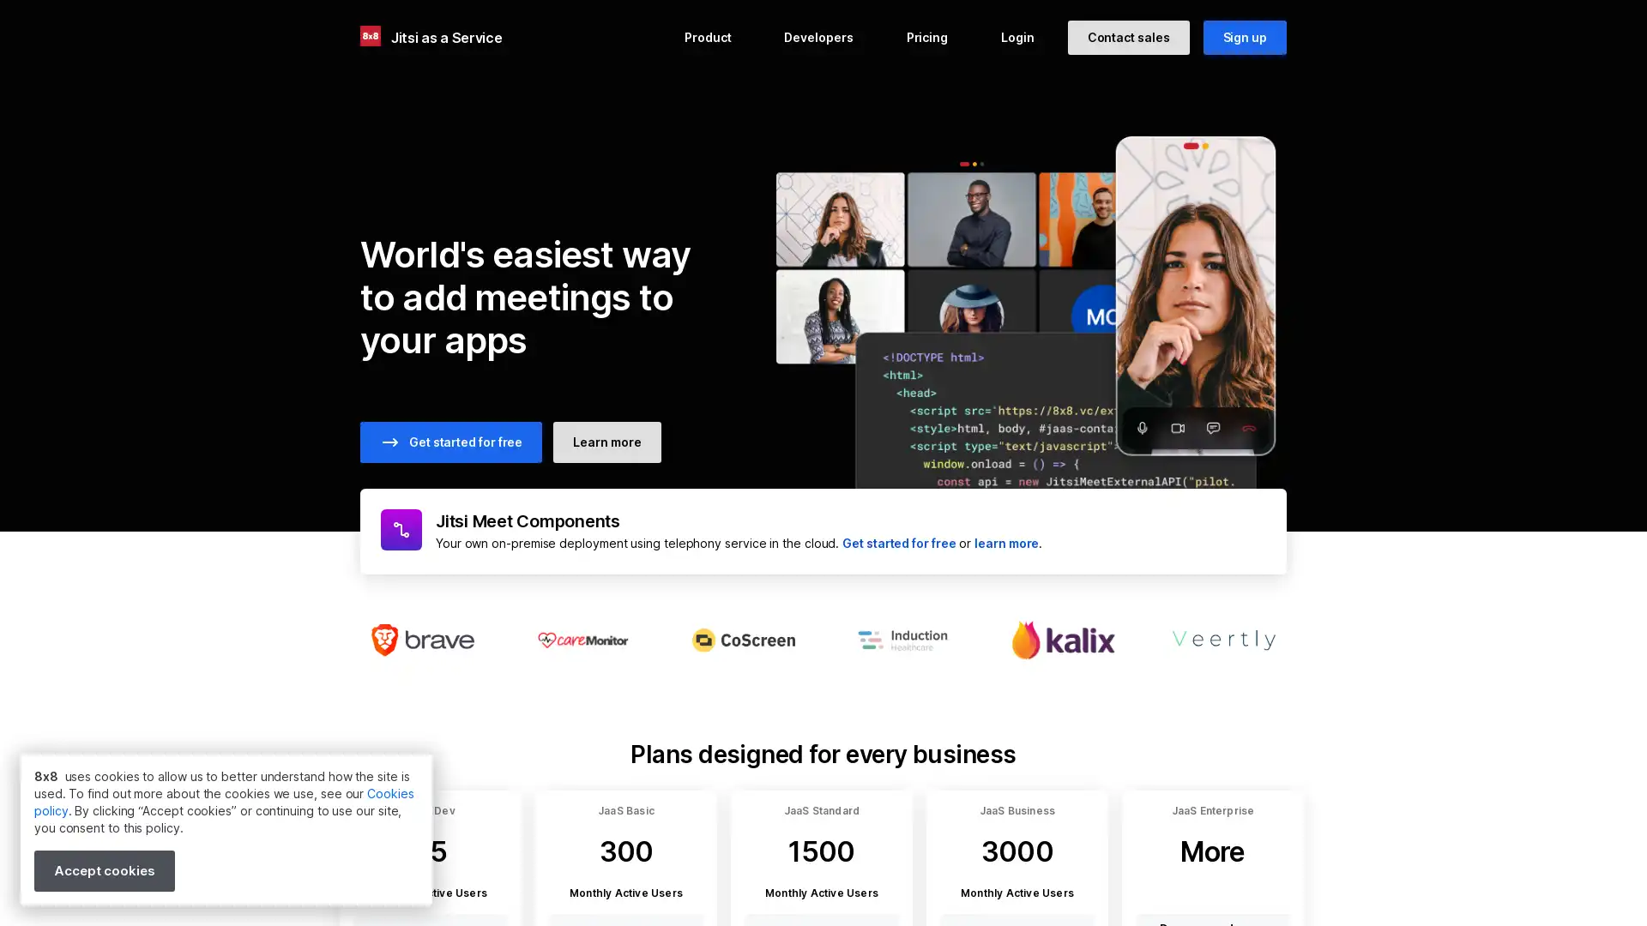 Image resolution: width=1647 pixels, height=926 pixels. What do you see at coordinates (708, 37) in the screenshot?
I see `Product` at bounding box center [708, 37].